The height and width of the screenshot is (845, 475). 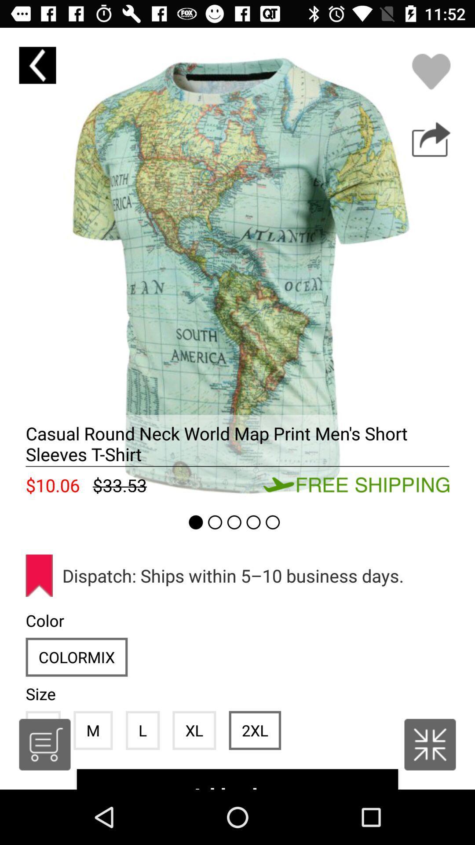 I want to click on the colormix item, so click(x=76, y=657).